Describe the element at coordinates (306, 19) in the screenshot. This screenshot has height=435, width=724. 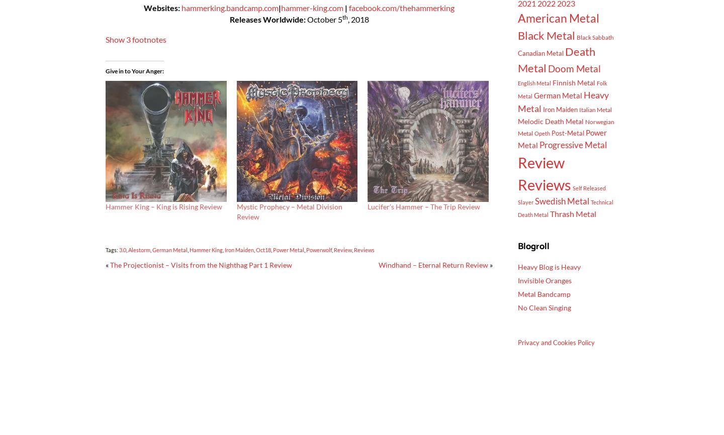
I see `'October 5'` at that location.